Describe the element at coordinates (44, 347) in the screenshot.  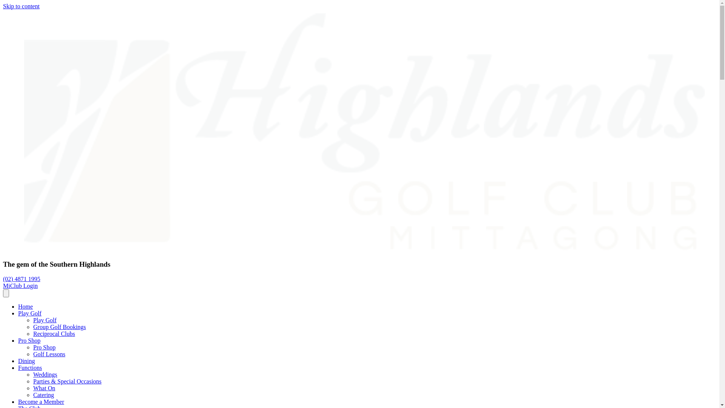
I see `'Pro Shop'` at that location.